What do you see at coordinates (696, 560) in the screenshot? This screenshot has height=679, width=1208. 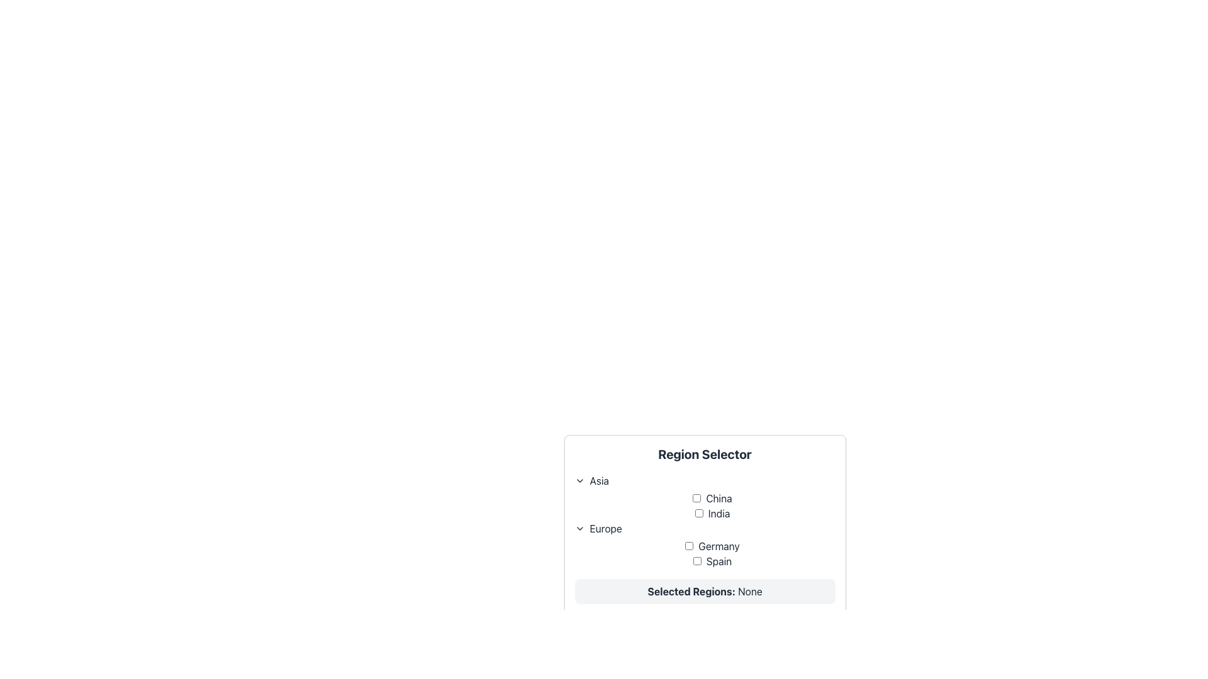 I see `the checkbox to the left of the label 'Spain' in the 'Europe' section of the Region Selector interface` at bounding box center [696, 560].